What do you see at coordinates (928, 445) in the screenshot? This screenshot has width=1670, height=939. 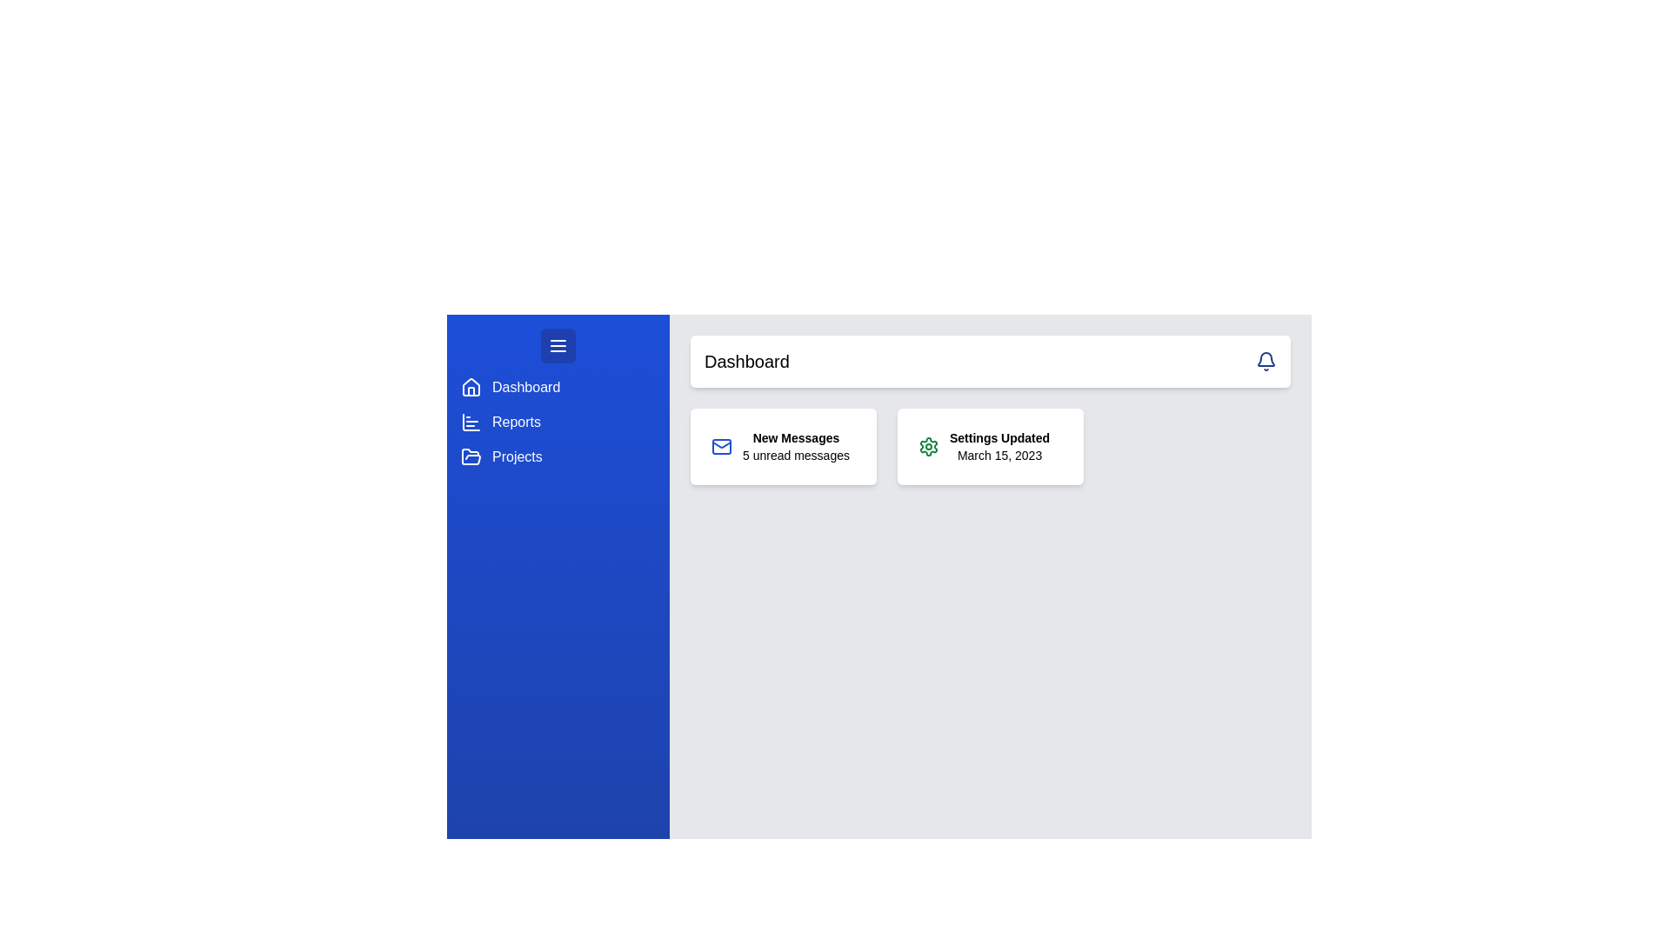 I see `the complex gear-like icon located in the upper right corner of the interface, next to the search bar and notification bell icon` at bounding box center [928, 445].